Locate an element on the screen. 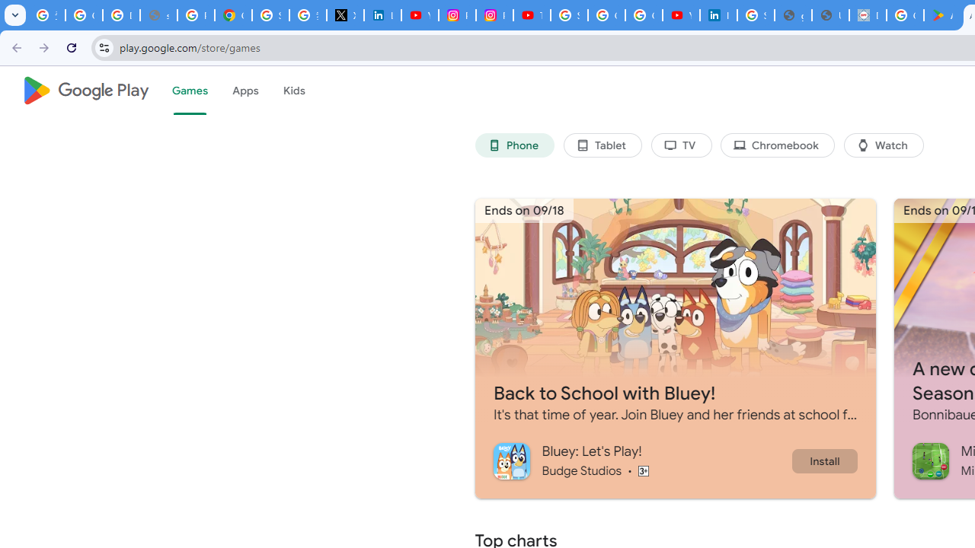 Image resolution: width=975 pixels, height=548 pixels. 'Chromebook' is located at coordinates (778, 145).